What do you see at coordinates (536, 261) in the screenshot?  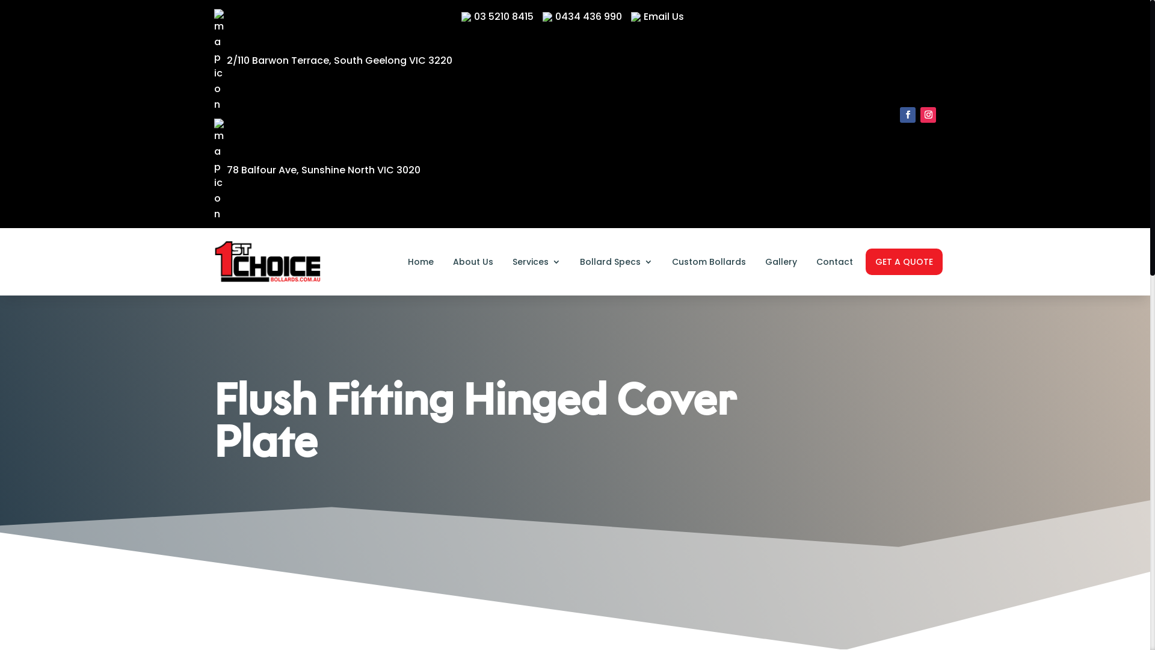 I see `'Services'` at bounding box center [536, 261].